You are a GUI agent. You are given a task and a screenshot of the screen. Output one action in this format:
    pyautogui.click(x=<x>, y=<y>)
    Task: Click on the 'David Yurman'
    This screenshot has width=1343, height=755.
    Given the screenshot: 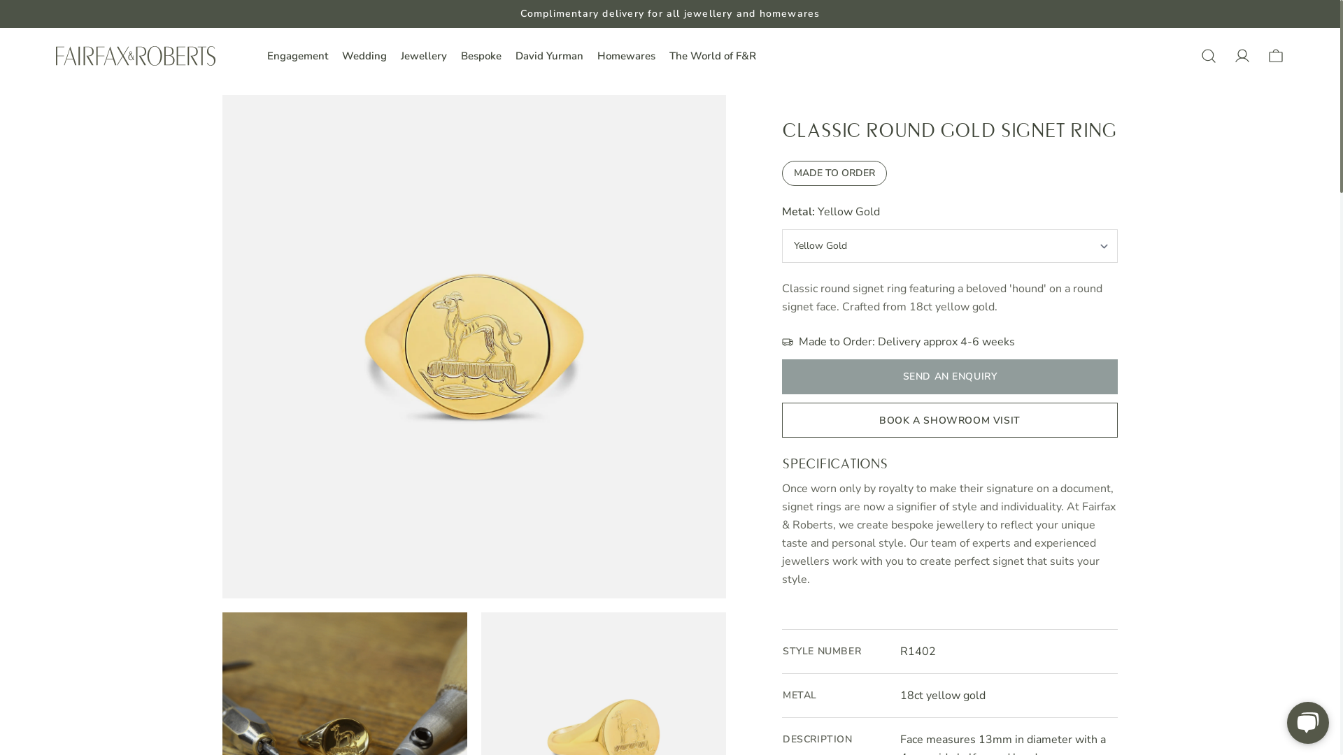 What is the action you would take?
    pyautogui.click(x=548, y=55)
    